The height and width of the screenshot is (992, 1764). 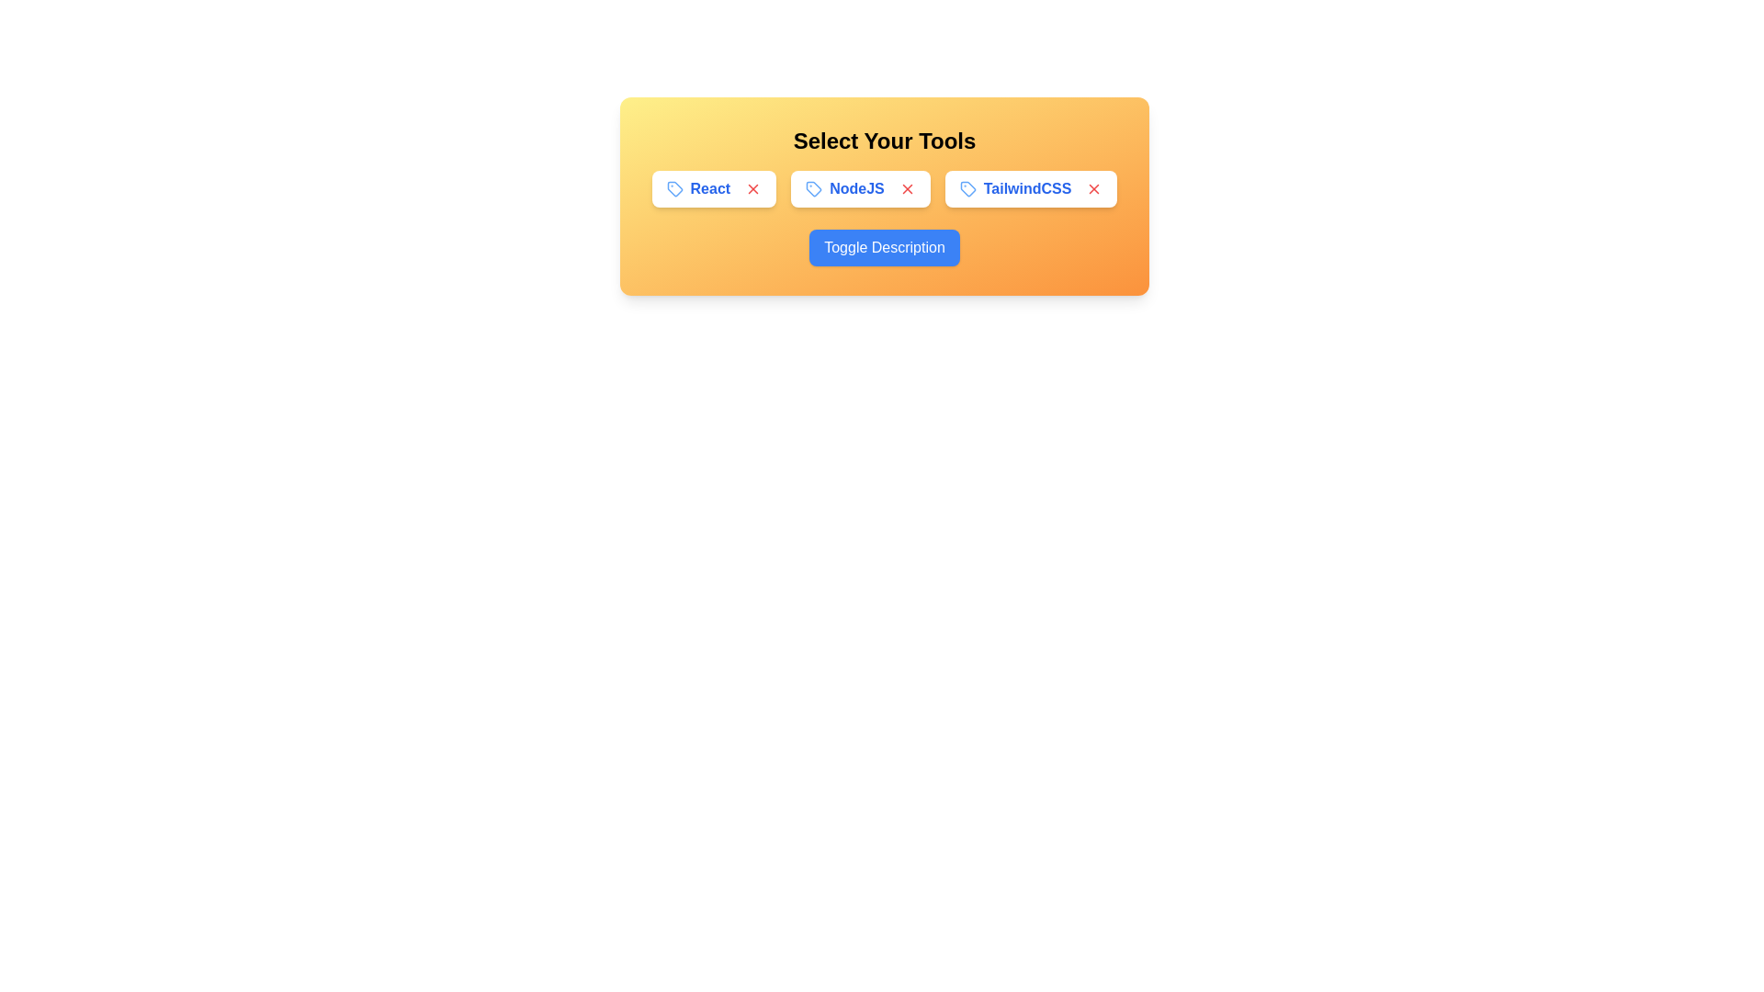 What do you see at coordinates (907, 188) in the screenshot?
I see `close button of the chip labeled NodeJS to remove it` at bounding box center [907, 188].